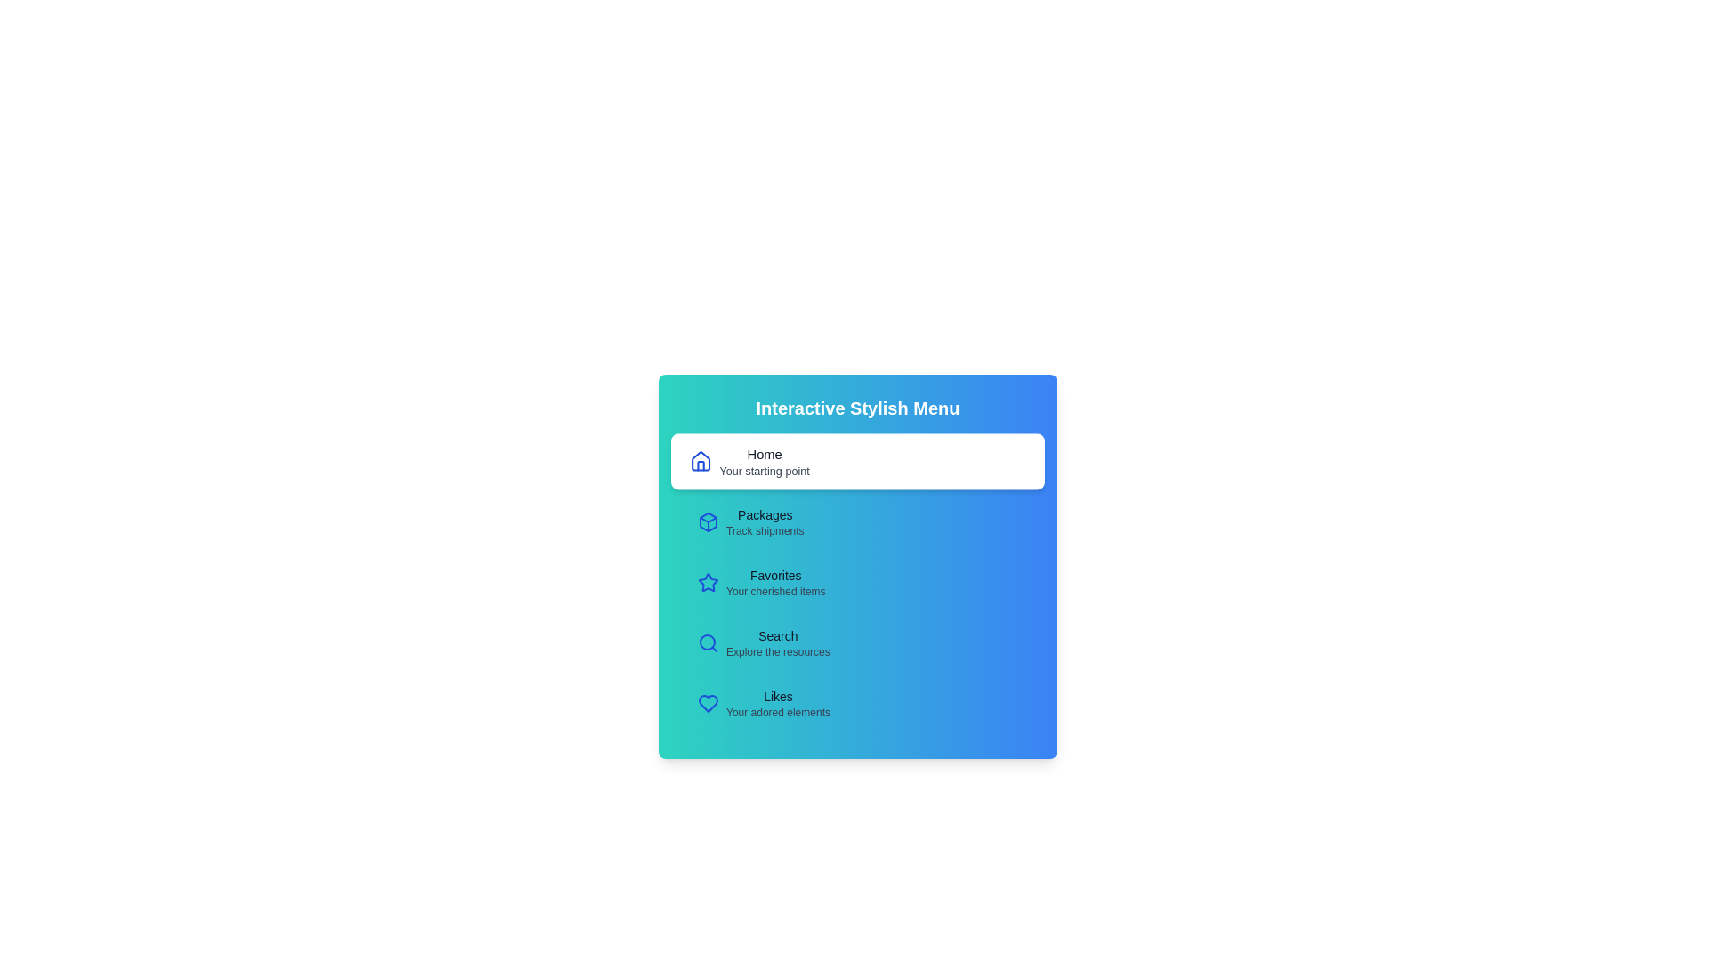 This screenshot has width=1709, height=961. I want to click on the menu item corresponding to Search, so click(858, 642).